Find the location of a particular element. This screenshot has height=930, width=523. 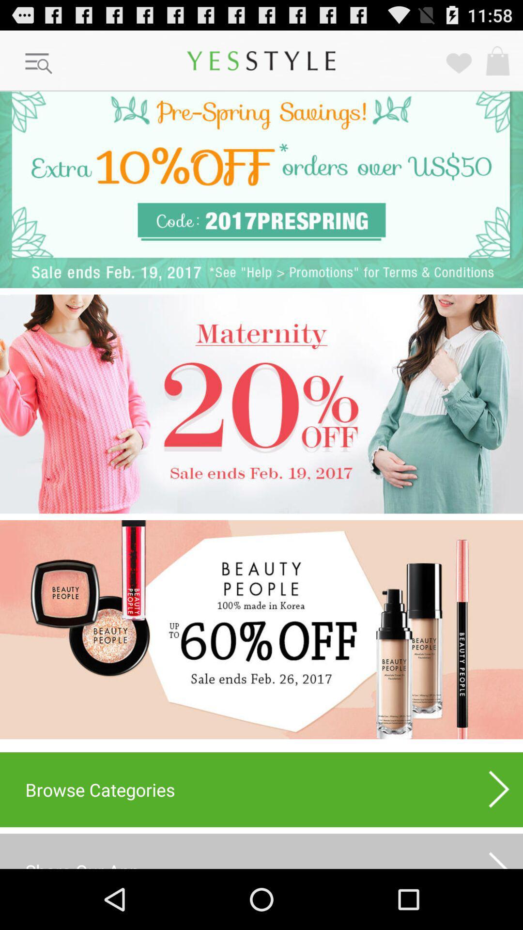

sale details is located at coordinates (261, 404).